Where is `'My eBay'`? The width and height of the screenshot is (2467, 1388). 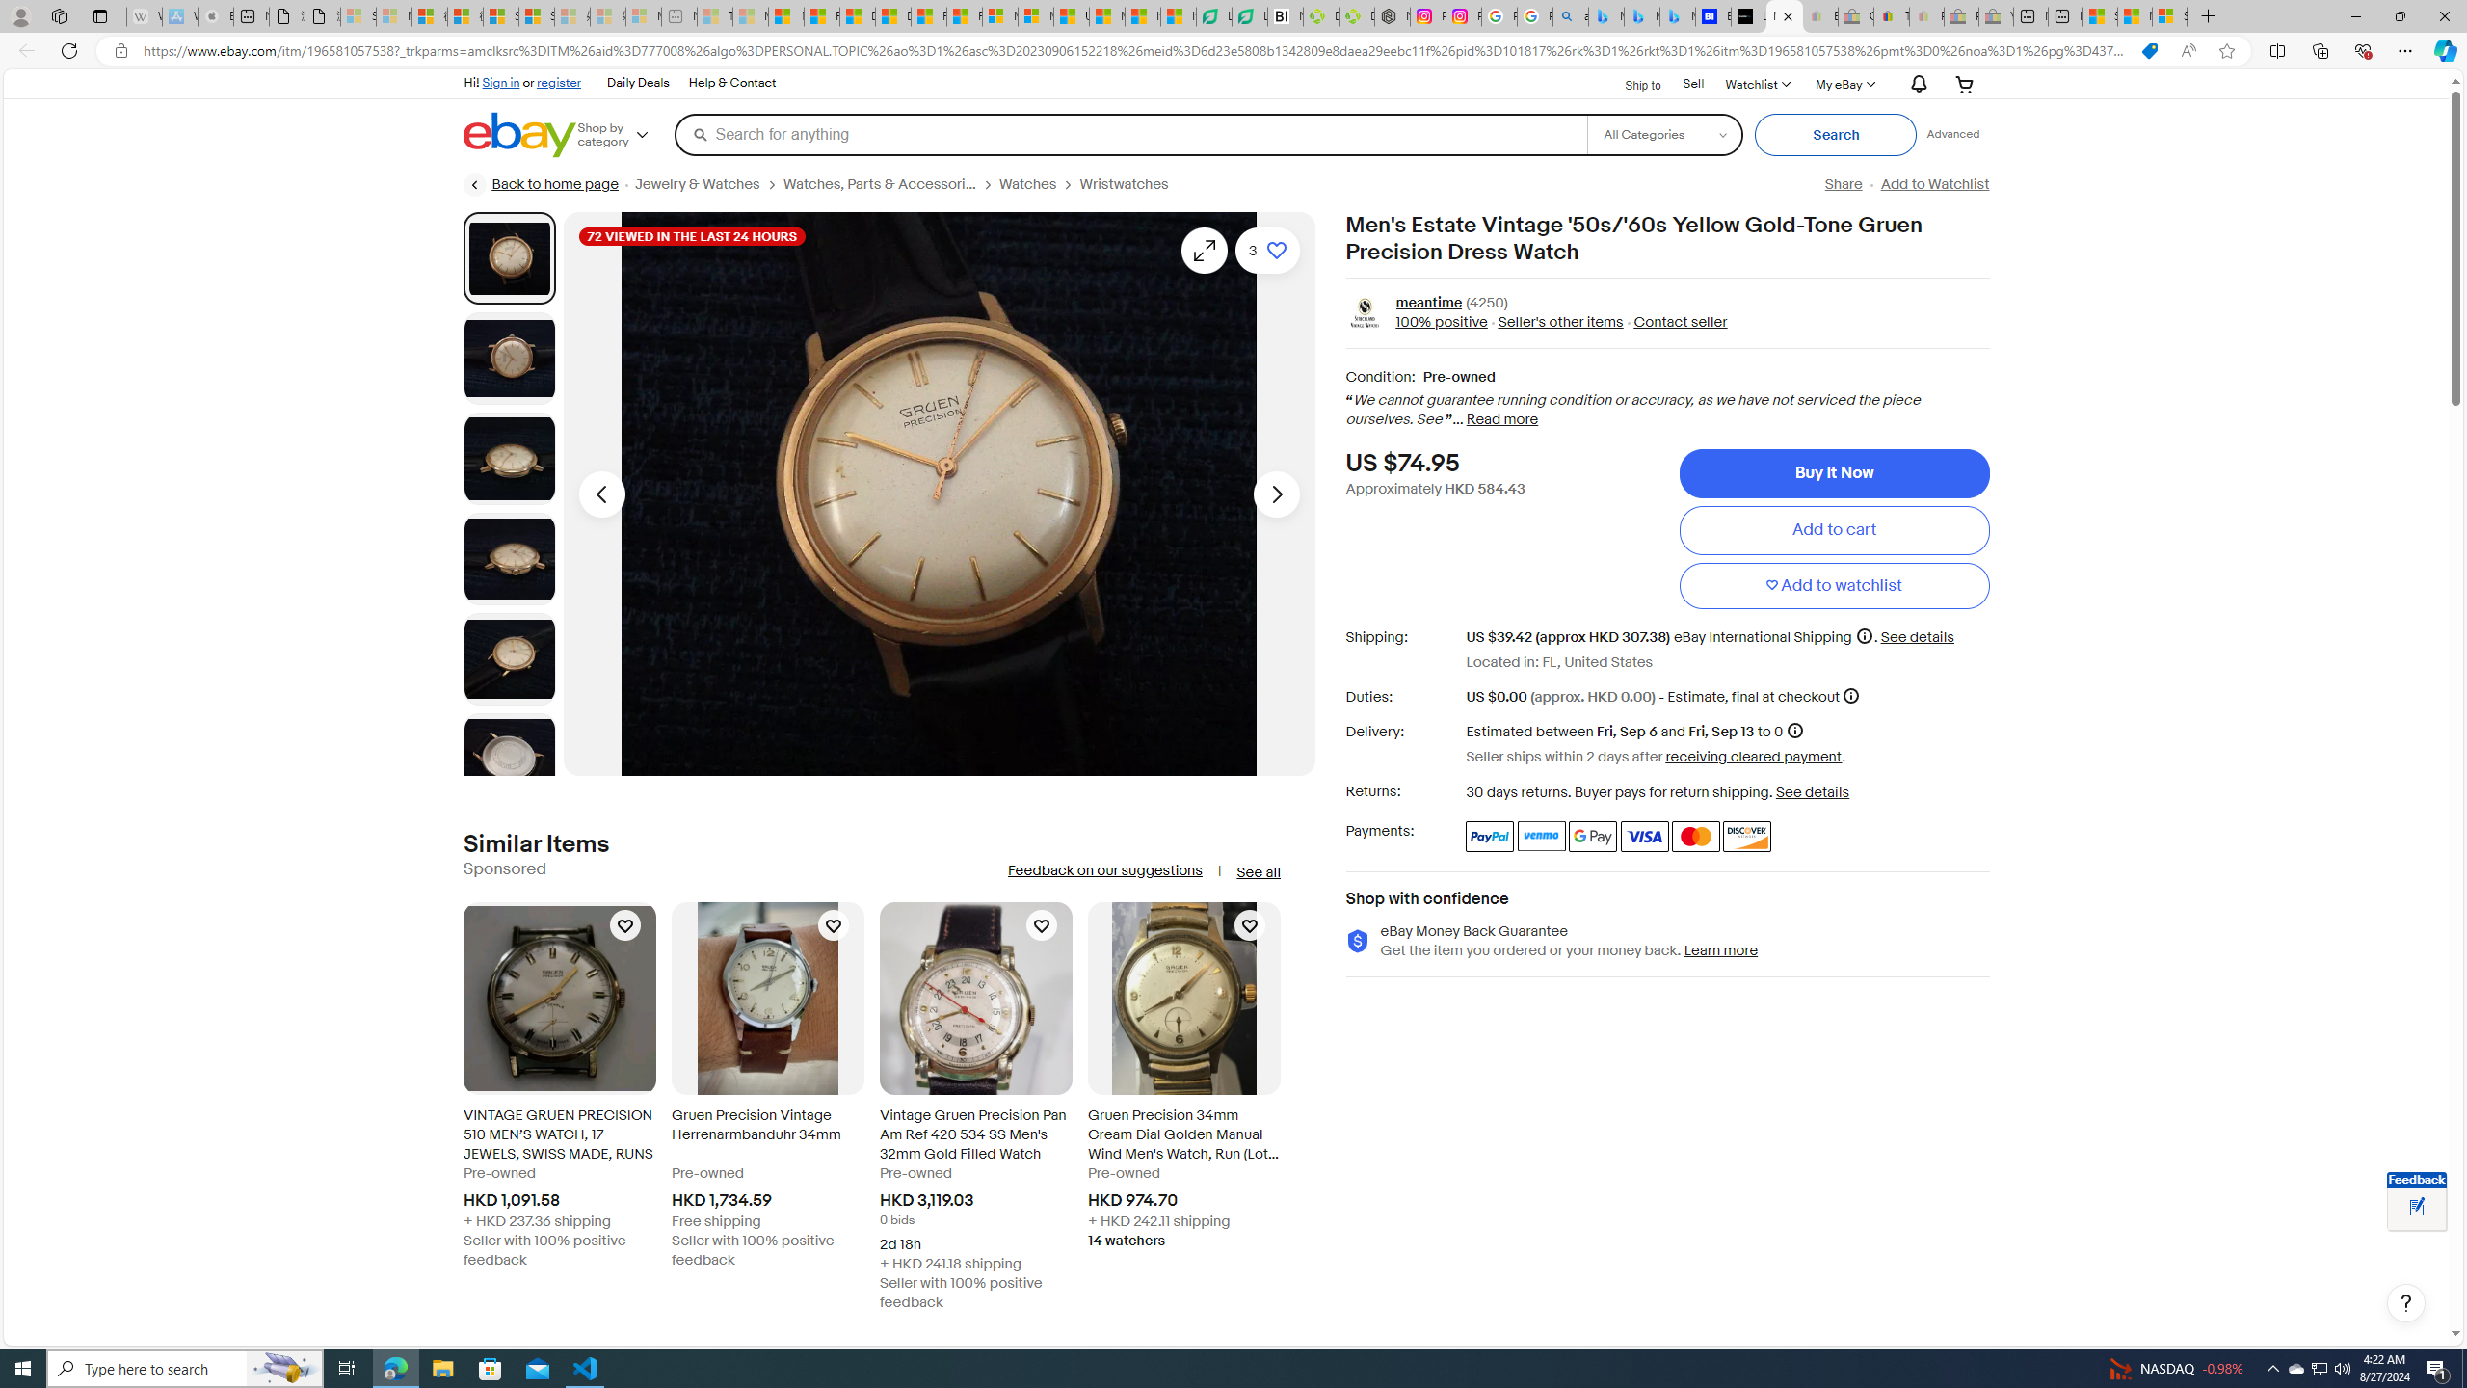 'My eBay' is located at coordinates (1843, 84).